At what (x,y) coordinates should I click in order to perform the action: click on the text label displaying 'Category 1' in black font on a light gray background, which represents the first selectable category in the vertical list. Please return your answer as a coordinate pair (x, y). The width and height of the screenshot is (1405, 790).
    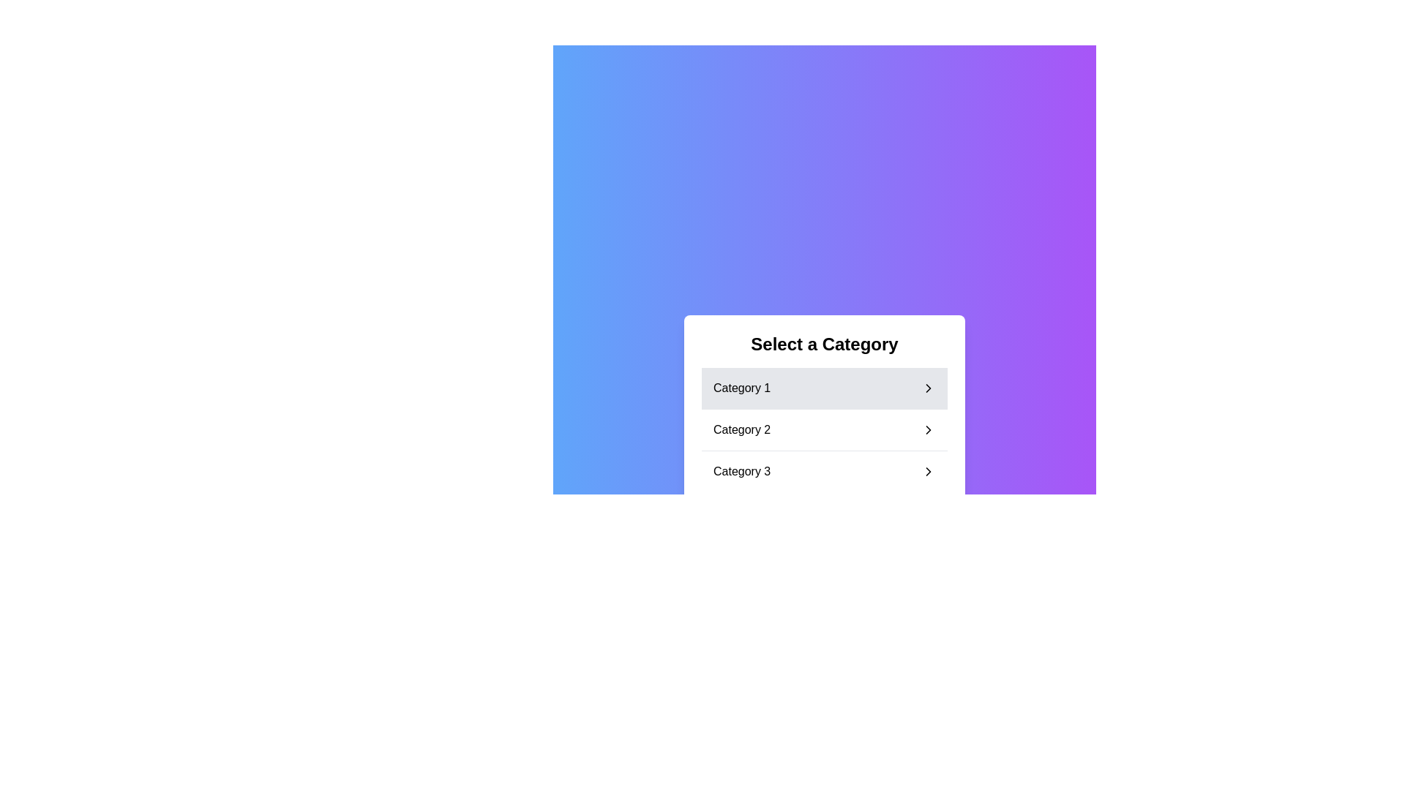
    Looking at the image, I should click on (742, 388).